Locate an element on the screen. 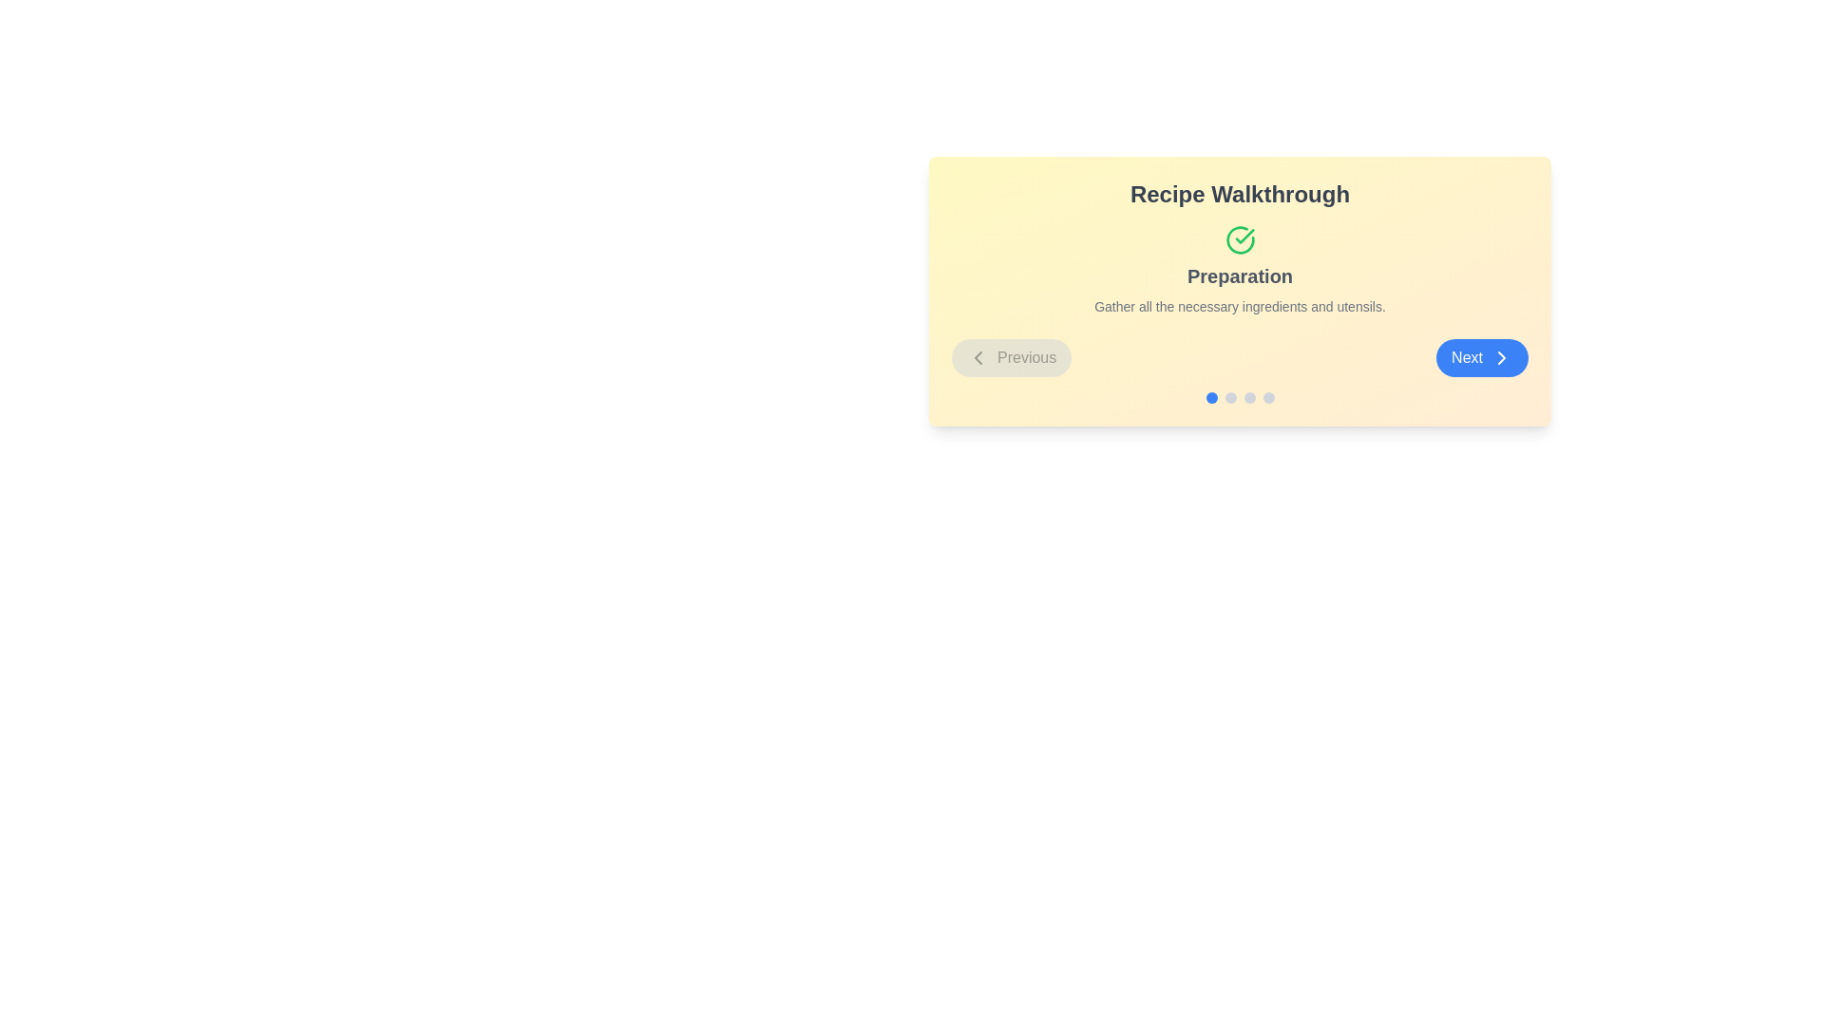 Image resolution: width=1824 pixels, height=1026 pixels. the decorative icon that indicates a successful step, positioned centrally above the 'Preparation' text and below the 'Recipe Walkthrough' header is located at coordinates (1244, 236).